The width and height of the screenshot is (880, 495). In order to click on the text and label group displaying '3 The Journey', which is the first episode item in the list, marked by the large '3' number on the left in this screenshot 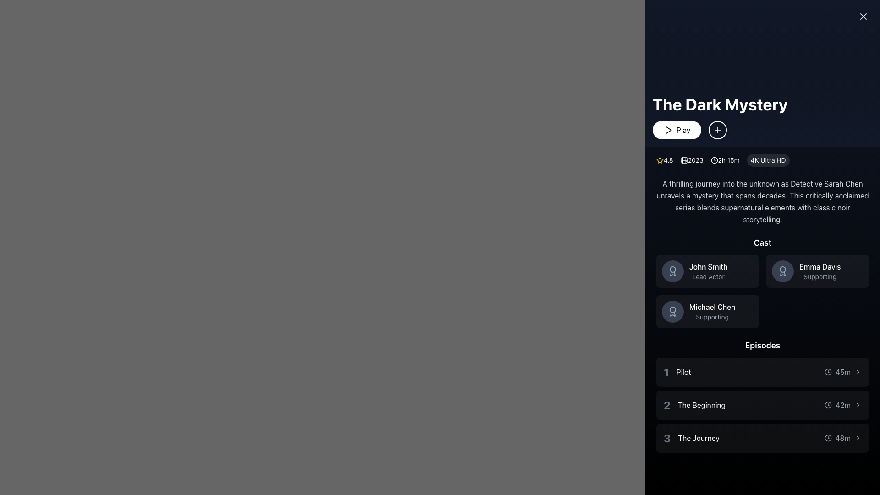, I will do `click(691, 438)`.